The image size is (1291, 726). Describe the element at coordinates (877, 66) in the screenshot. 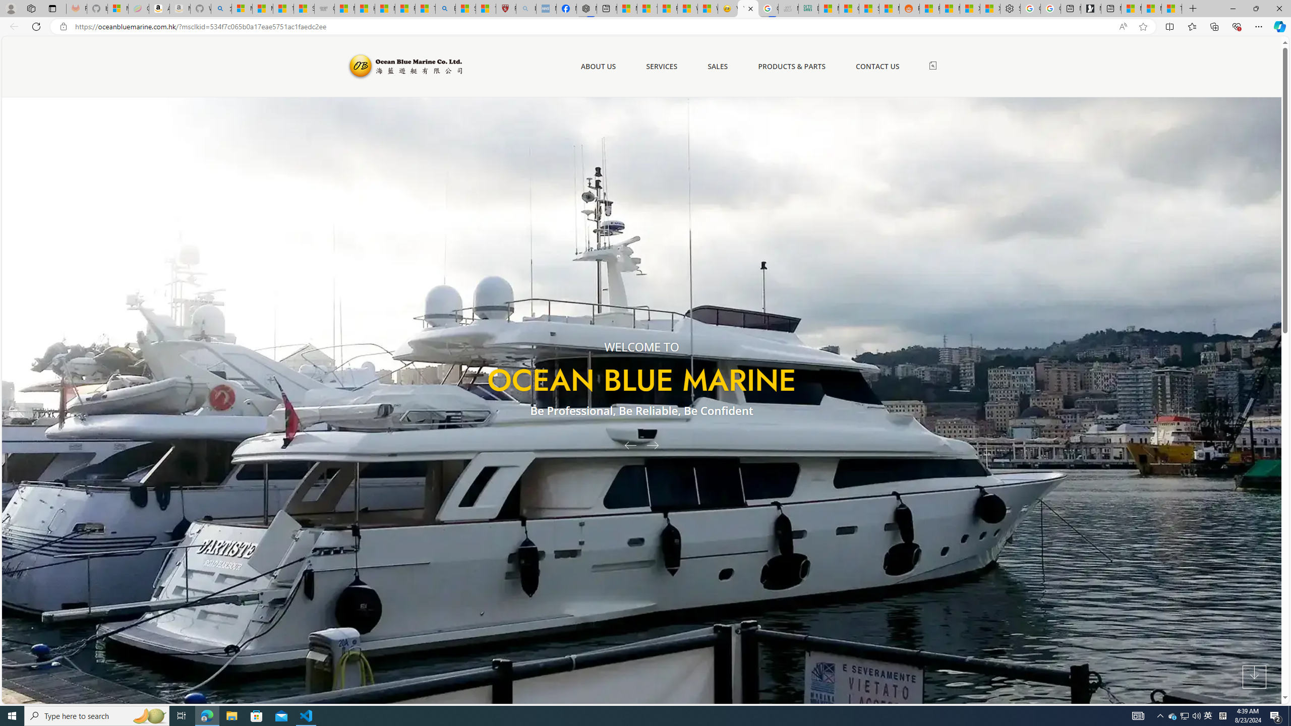

I see `'CONTACT US'` at that location.